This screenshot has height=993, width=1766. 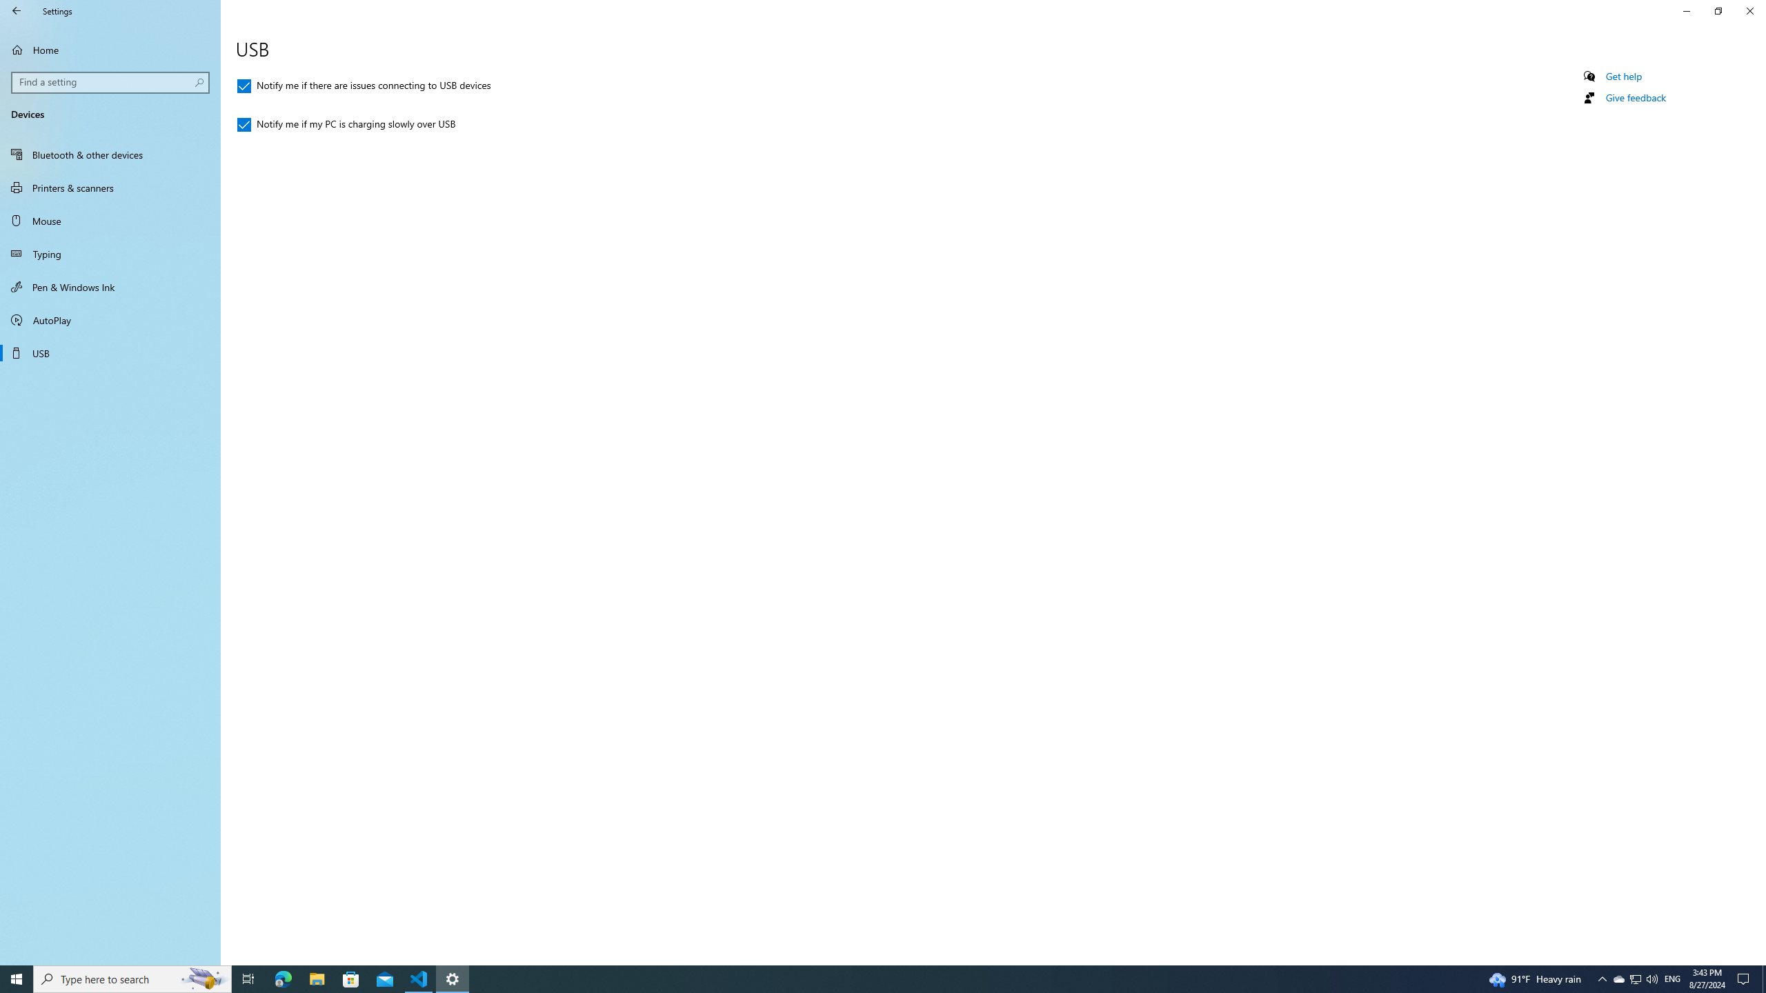 I want to click on 'Get help', so click(x=1623, y=76).